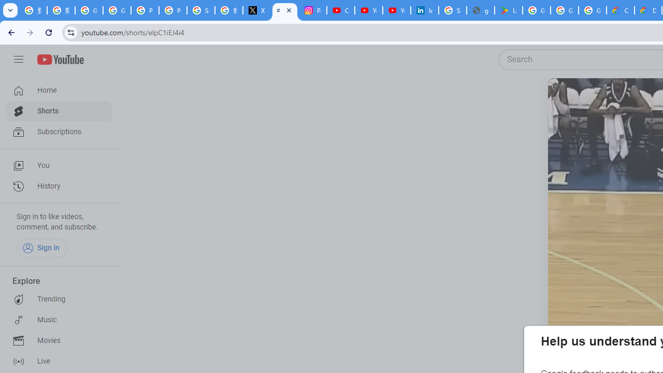 This screenshot has width=663, height=373. What do you see at coordinates (285, 10) in the screenshot?
I see `'#nbabasketballhighlights - YouTube'` at bounding box center [285, 10].